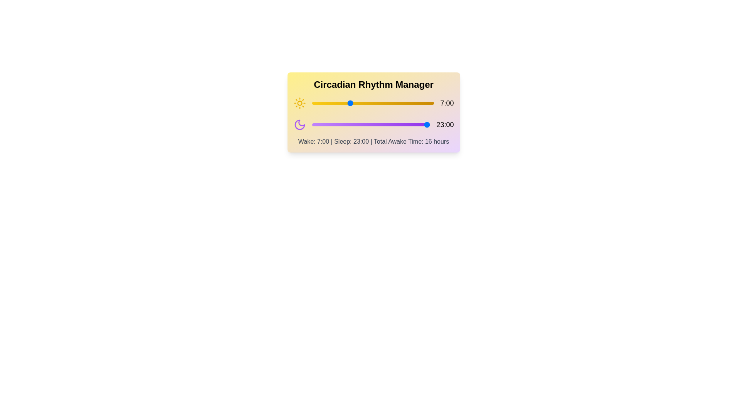 This screenshot has width=740, height=416. Describe the element at coordinates (343, 102) in the screenshot. I see `the wake hour to 6 by moving the slider` at that location.